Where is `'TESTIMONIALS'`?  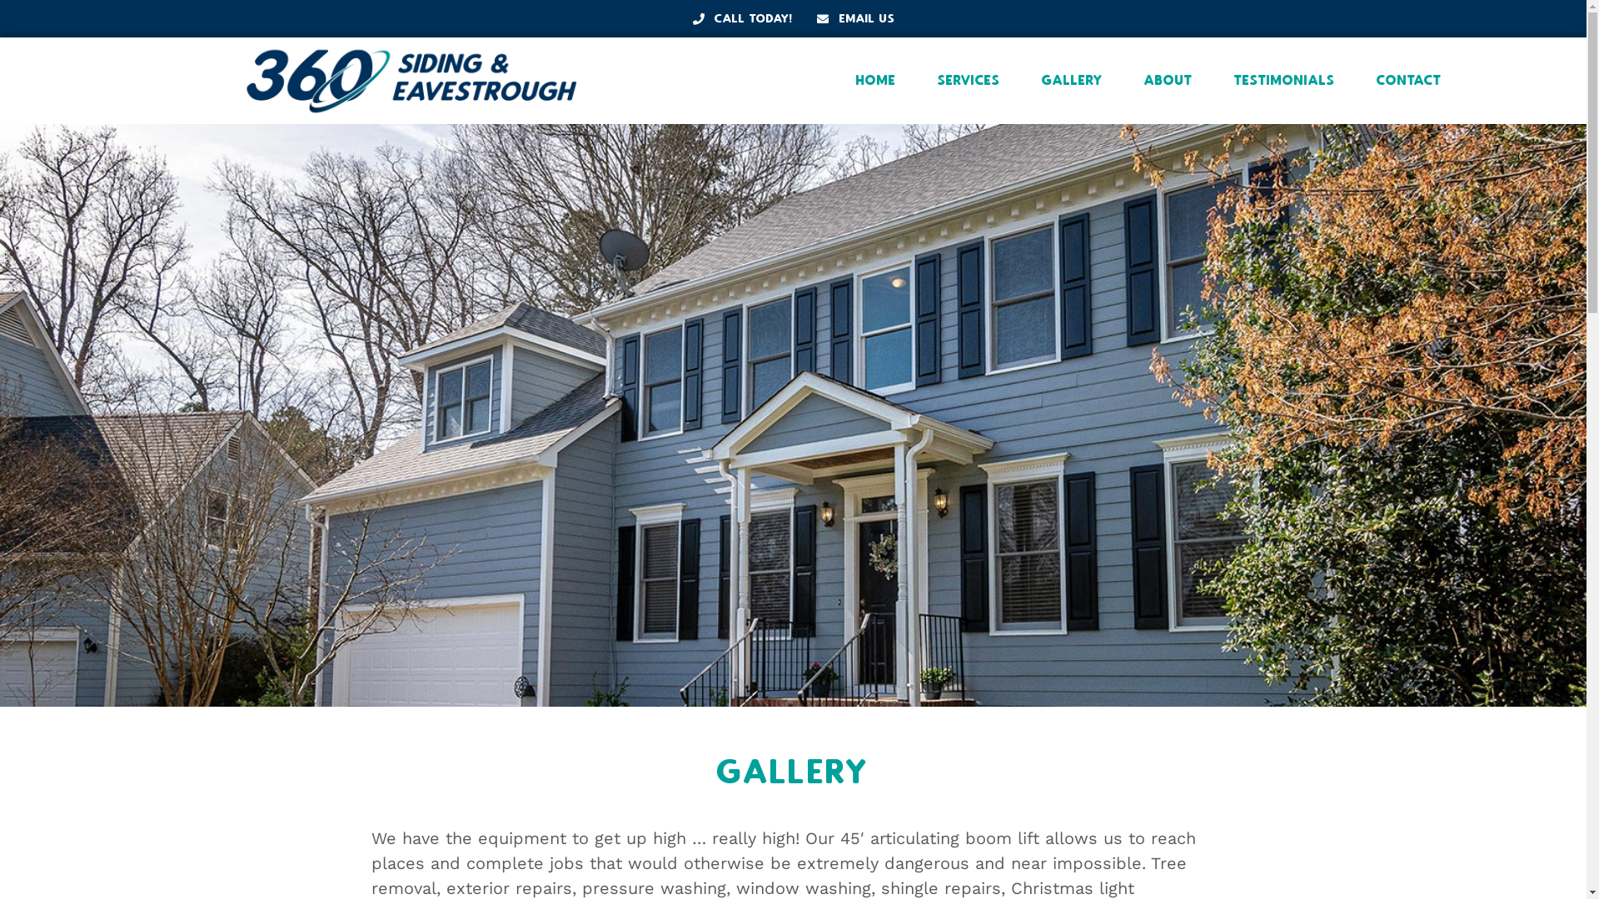
'TESTIMONIALS' is located at coordinates (1283, 80).